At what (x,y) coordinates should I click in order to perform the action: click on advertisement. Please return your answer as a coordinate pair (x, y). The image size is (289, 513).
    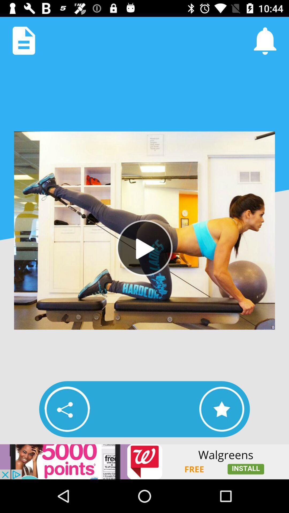
    Looking at the image, I should click on (144, 461).